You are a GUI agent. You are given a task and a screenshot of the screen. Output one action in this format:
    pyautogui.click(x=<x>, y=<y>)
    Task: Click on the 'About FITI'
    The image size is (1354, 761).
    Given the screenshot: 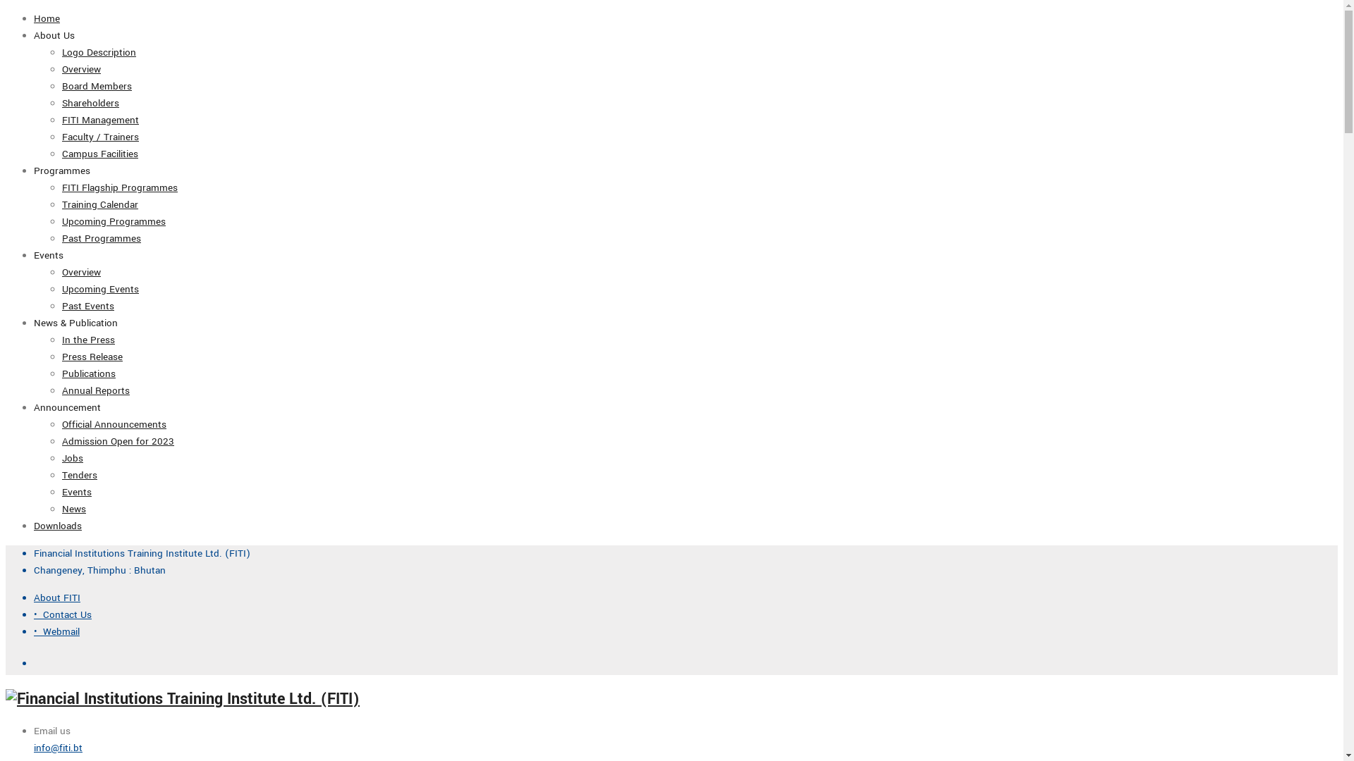 What is the action you would take?
    pyautogui.click(x=56, y=598)
    